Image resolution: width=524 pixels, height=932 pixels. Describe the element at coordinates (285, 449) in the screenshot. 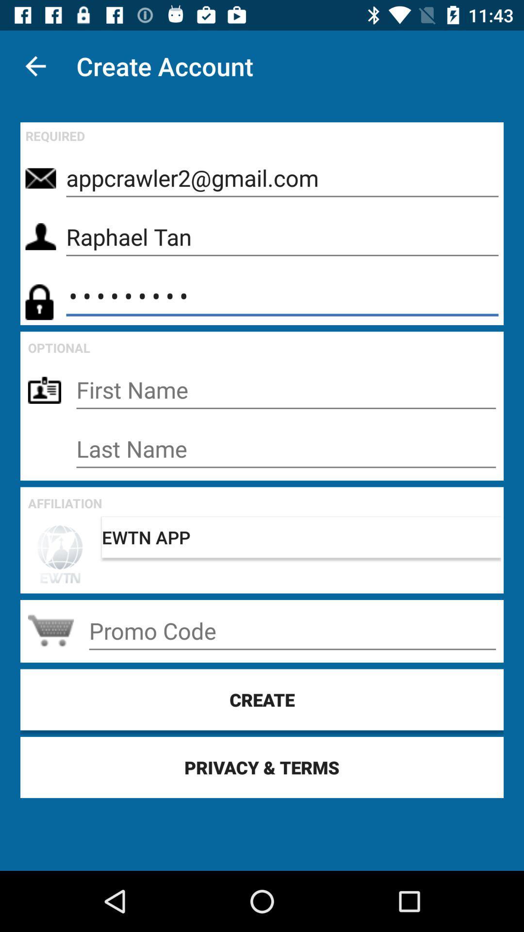

I see `your last name` at that location.